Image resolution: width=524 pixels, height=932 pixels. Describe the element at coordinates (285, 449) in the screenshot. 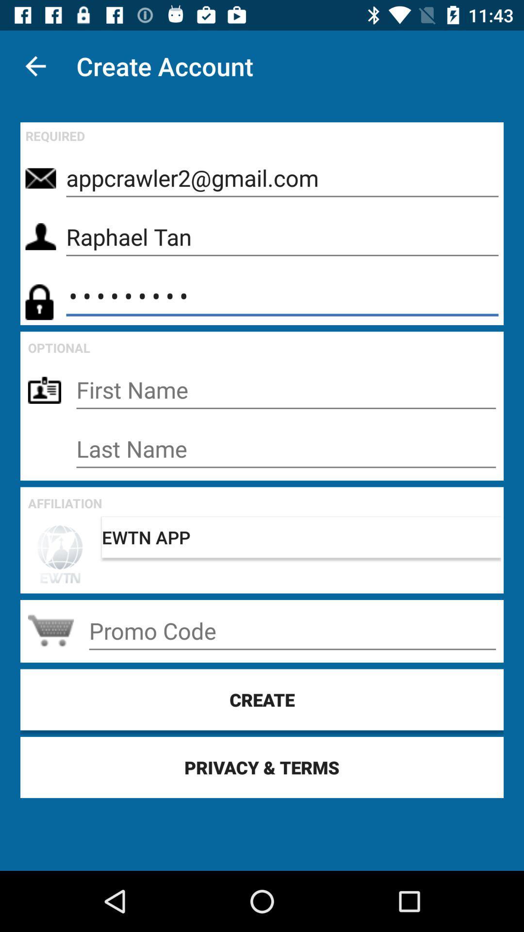

I see `your last name` at that location.